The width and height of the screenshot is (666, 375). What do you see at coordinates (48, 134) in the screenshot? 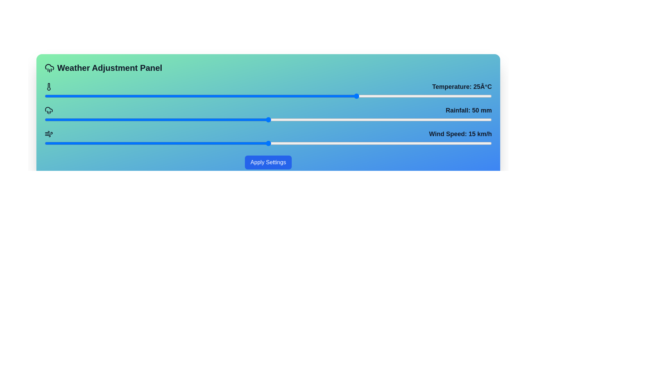
I see `the decorative SVG graphical icon indicating 'Wind Speed' positioned to the left of the text 'Wind Speed: 15 km/h.'` at bounding box center [48, 134].